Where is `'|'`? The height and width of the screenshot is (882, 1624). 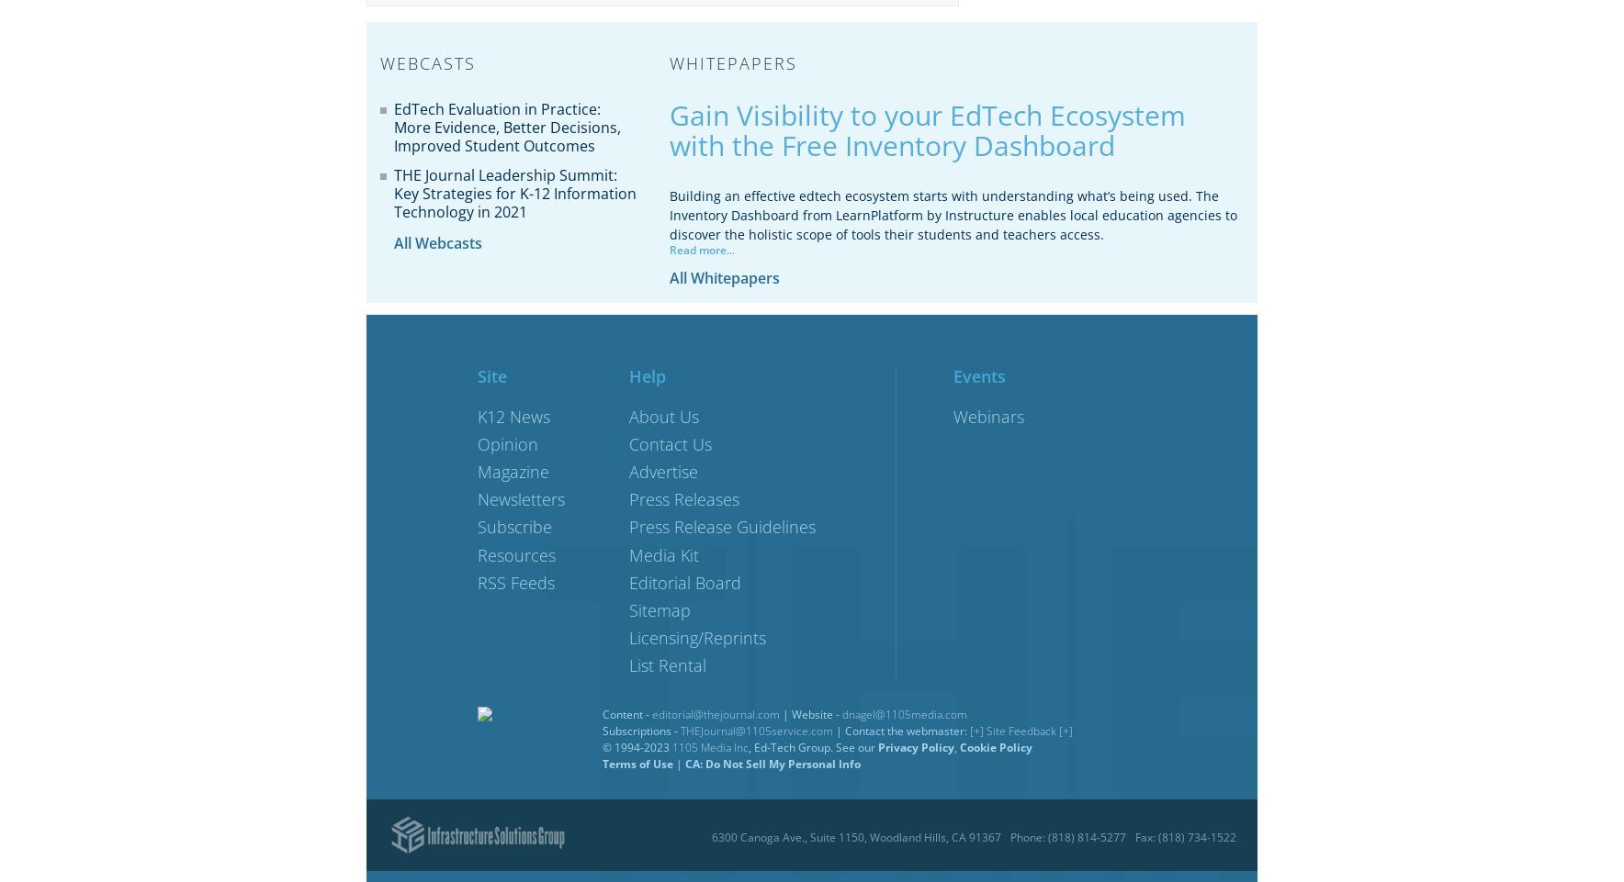 '|' is located at coordinates (673, 764).